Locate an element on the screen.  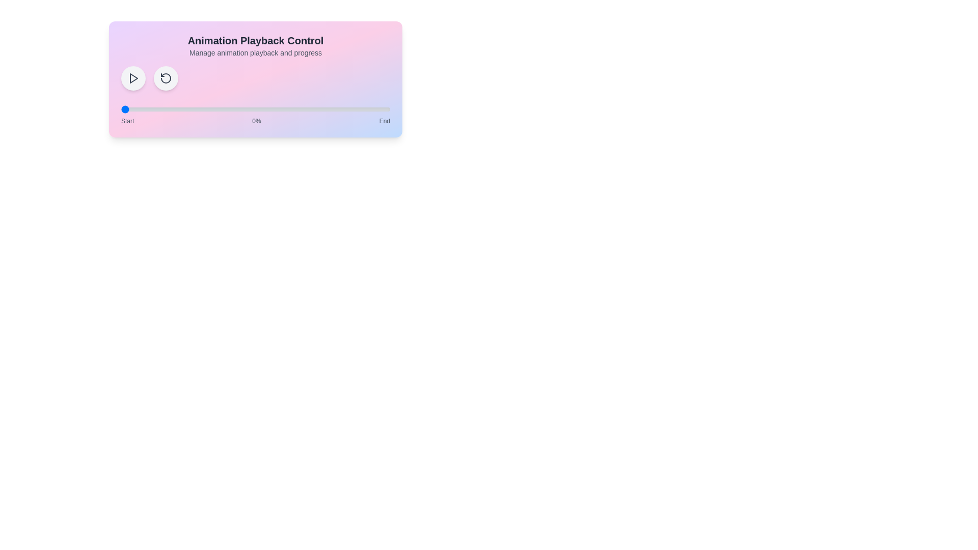
play/pause button to toggle the playback state is located at coordinates (133, 78).